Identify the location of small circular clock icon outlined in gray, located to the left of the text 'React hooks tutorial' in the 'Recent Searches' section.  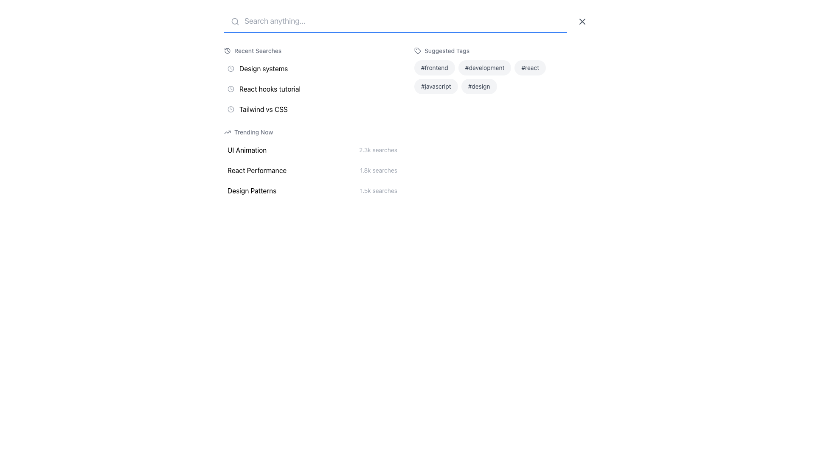
(230, 89).